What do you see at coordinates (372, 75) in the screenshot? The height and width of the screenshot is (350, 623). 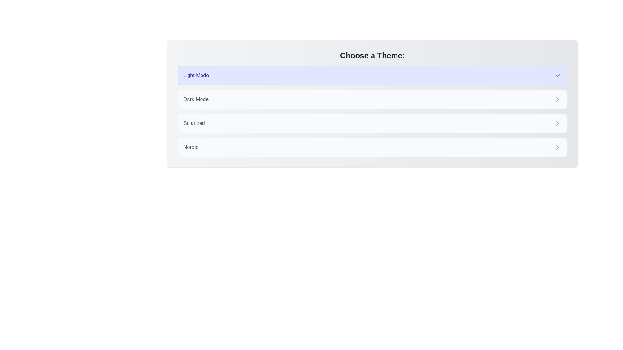 I see `the theme Light Mode by clicking on its corresponding chip` at bounding box center [372, 75].